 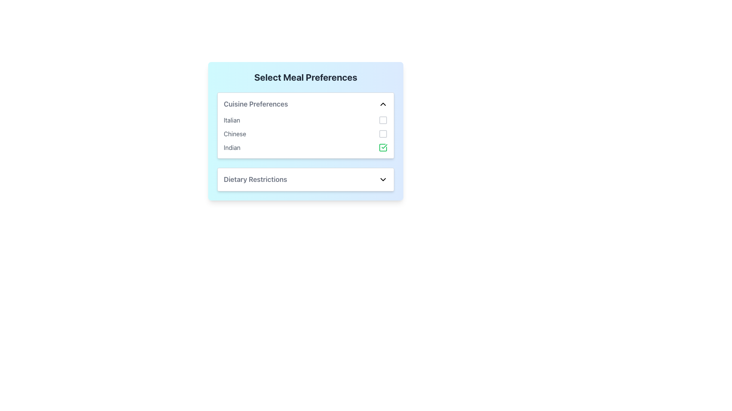 What do you see at coordinates (305, 179) in the screenshot?
I see `the dietary restrictions dropdown menu by moving the mouse cursor to its center and preparing for keyboard interaction` at bounding box center [305, 179].